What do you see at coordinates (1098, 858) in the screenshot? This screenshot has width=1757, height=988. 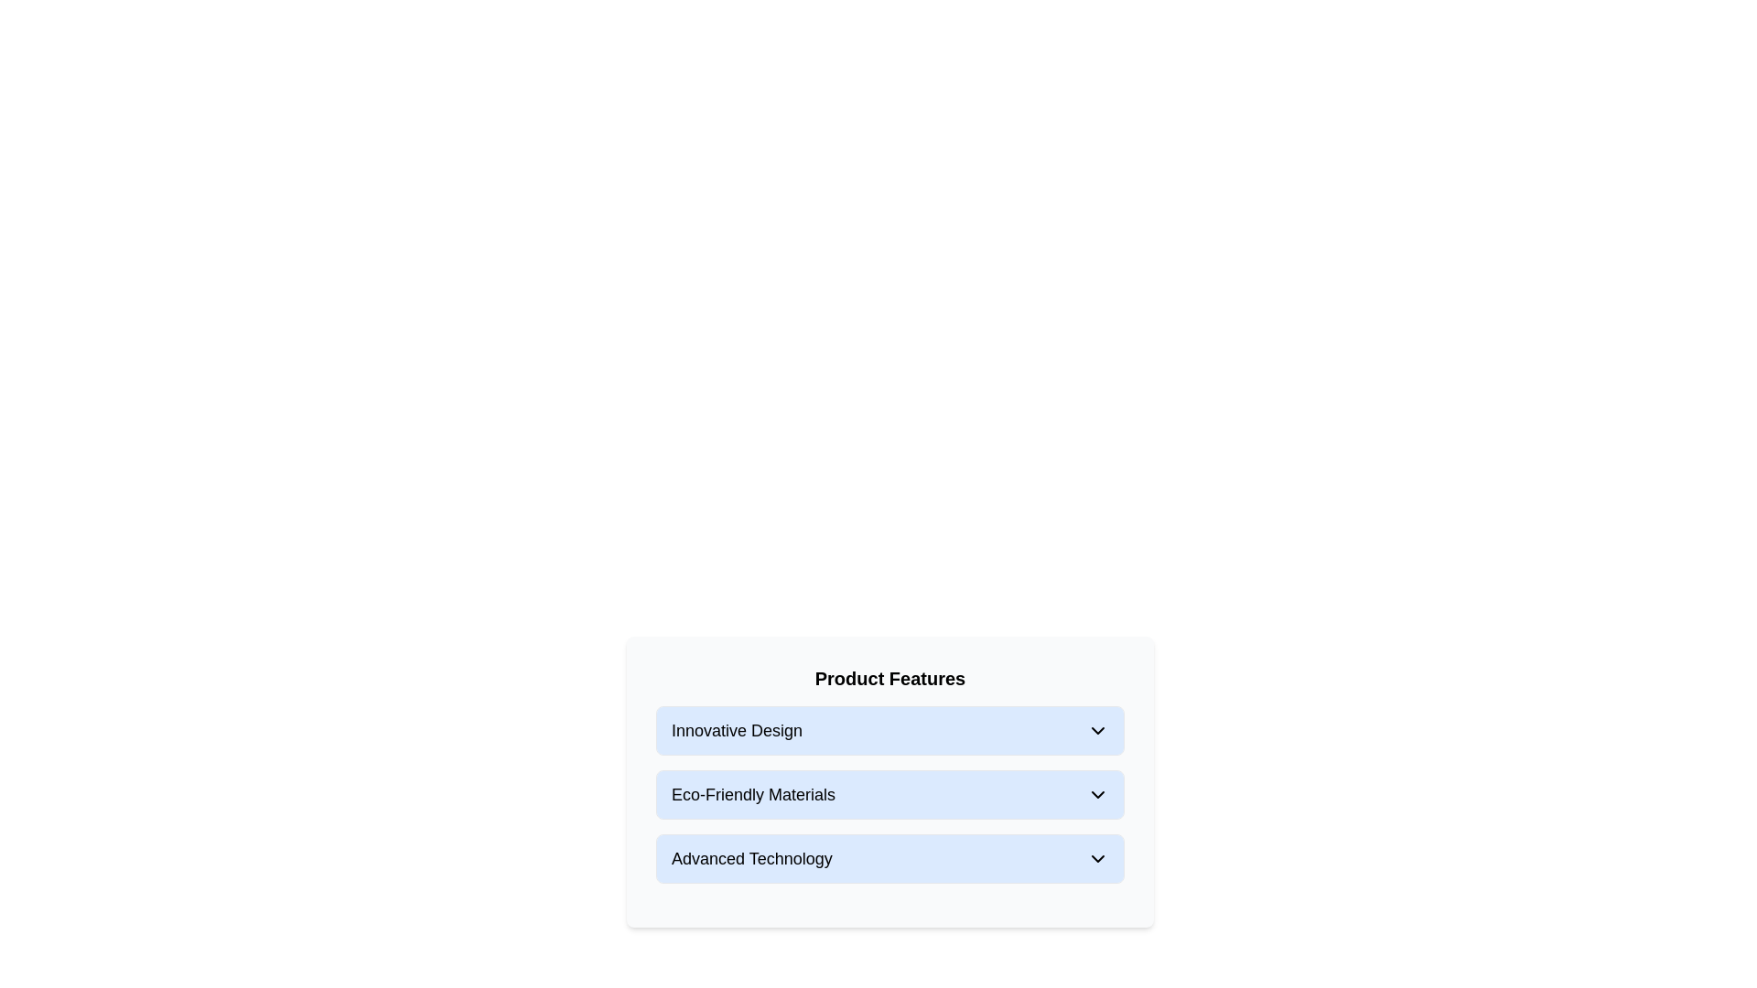 I see `the downward-pointing chevron icon on the top-right side of the 'Advanced Technology' button` at bounding box center [1098, 858].